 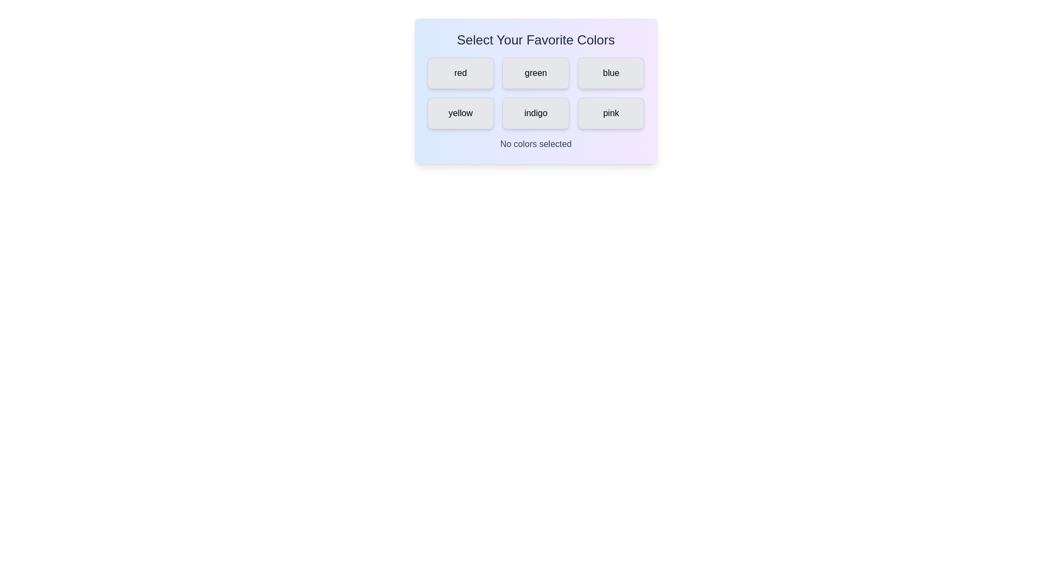 I want to click on the color tag labeled blue to select it, so click(x=611, y=73).